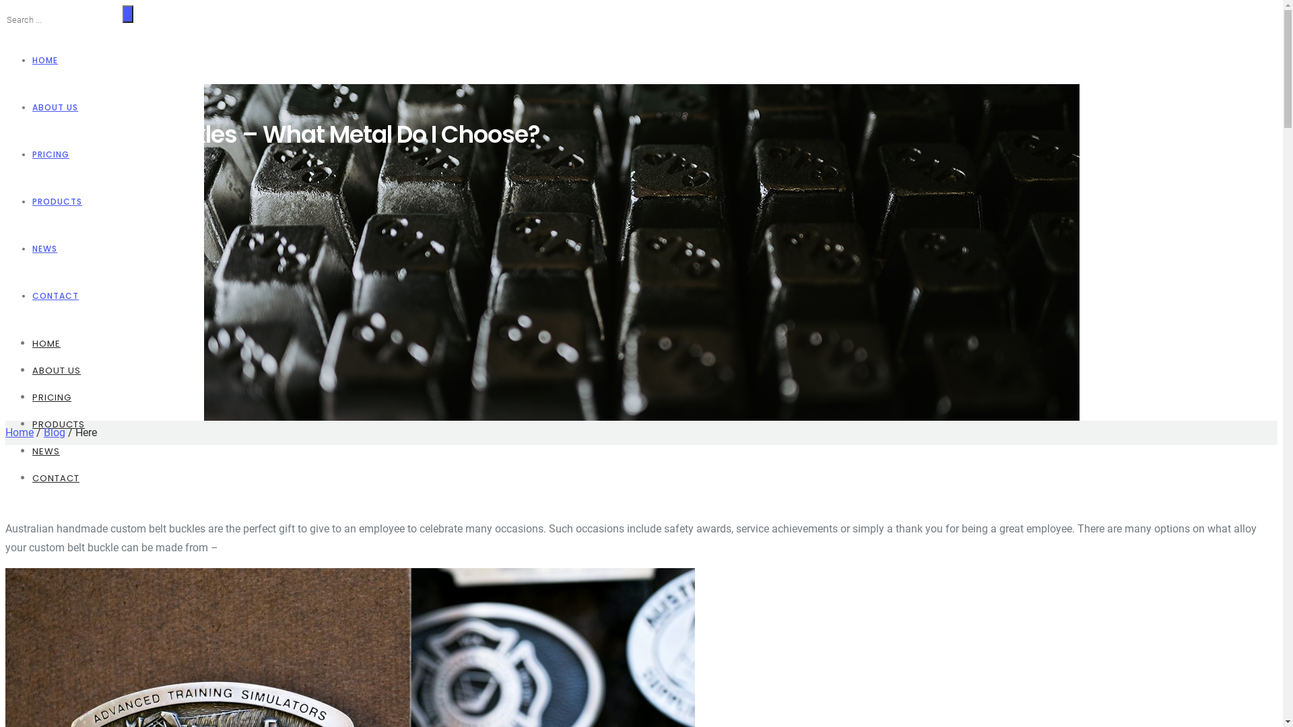  I want to click on 'NEWS', so click(46, 451).